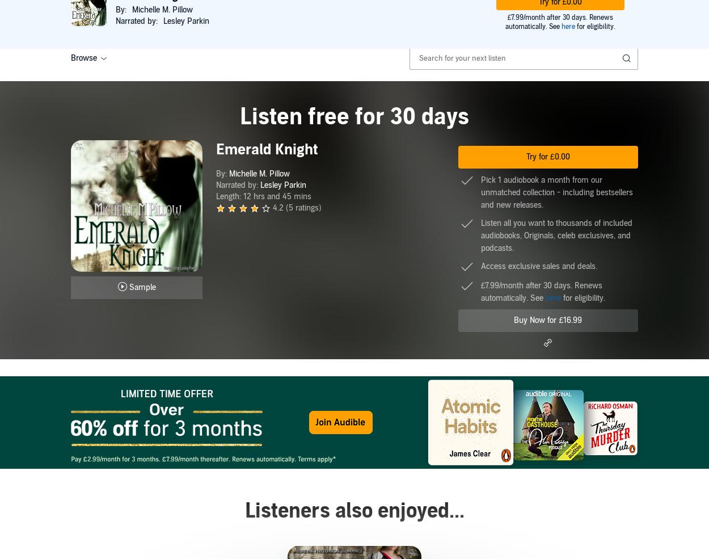 The width and height of the screenshot is (709, 559). I want to click on 'Emerald Knight', so click(216, 149).